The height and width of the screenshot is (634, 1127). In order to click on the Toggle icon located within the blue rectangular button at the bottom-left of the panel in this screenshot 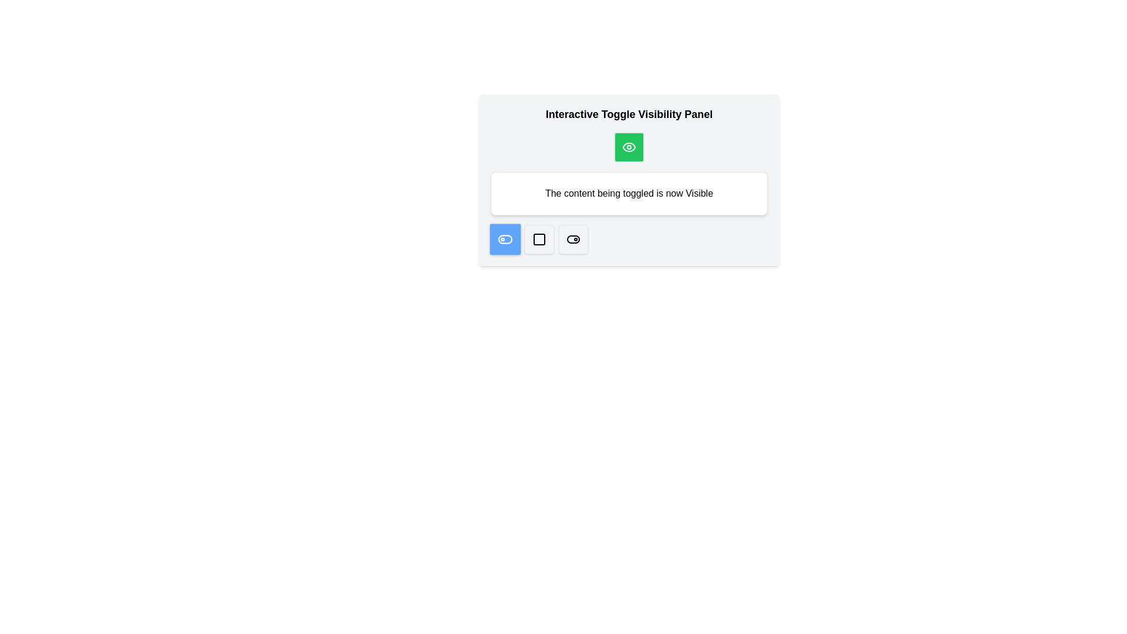, I will do `click(505, 239)`.